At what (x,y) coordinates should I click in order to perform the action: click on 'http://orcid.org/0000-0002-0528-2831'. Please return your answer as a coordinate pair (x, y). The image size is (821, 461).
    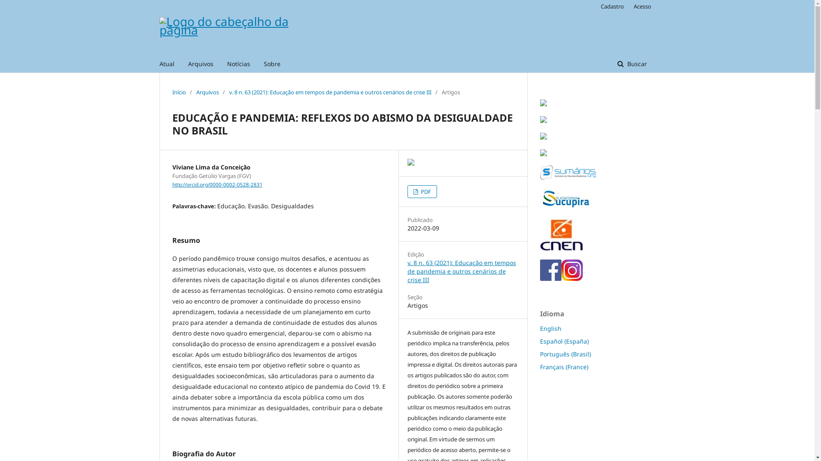
    Looking at the image, I should click on (217, 184).